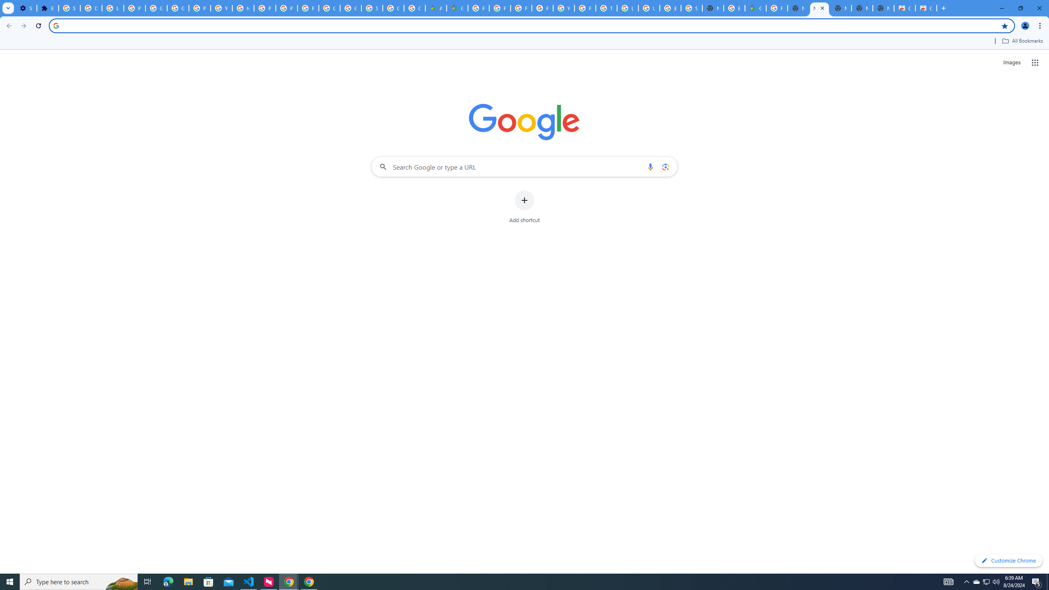  Describe the element at coordinates (530, 25) in the screenshot. I see `'Address and search bar'` at that location.